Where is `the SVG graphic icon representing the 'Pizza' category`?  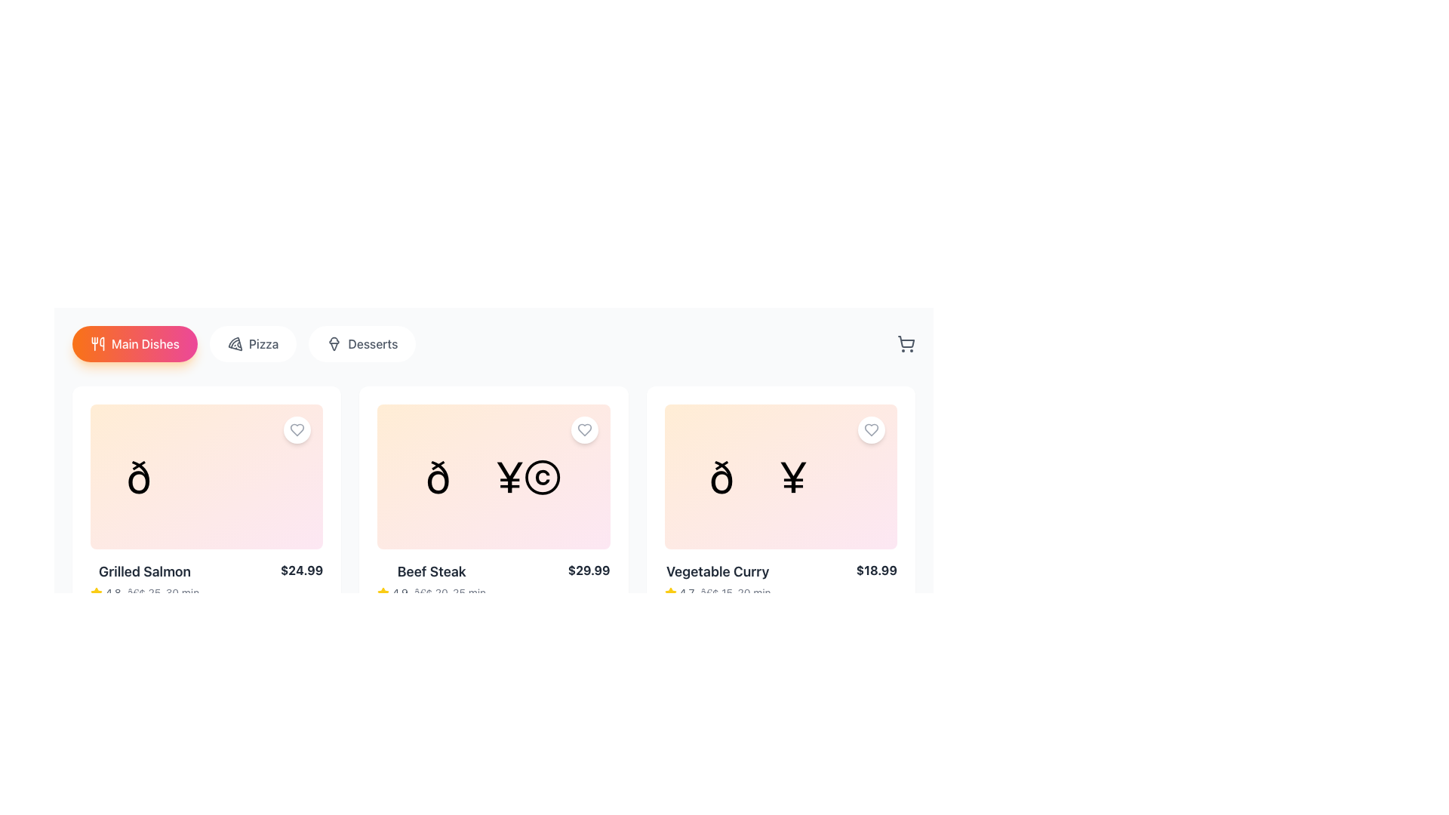
the SVG graphic icon representing the 'Pizza' category is located at coordinates (235, 343).